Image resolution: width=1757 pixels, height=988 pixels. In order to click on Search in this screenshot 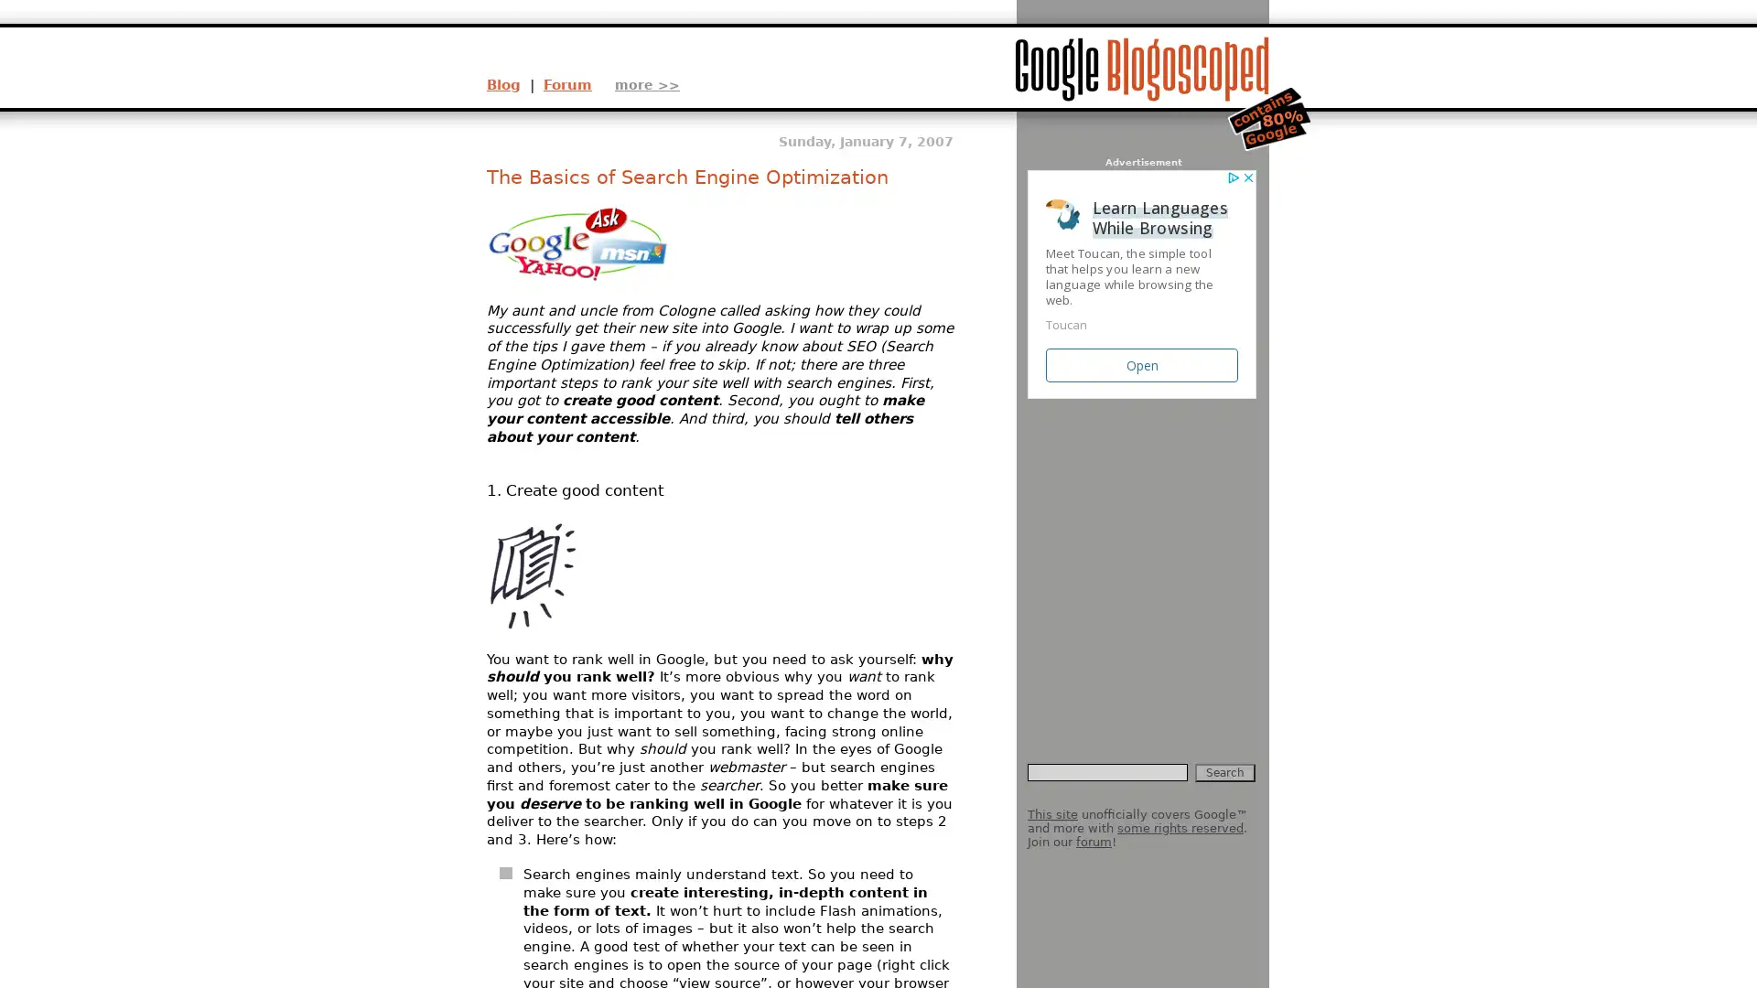, I will do `click(1225, 772)`.